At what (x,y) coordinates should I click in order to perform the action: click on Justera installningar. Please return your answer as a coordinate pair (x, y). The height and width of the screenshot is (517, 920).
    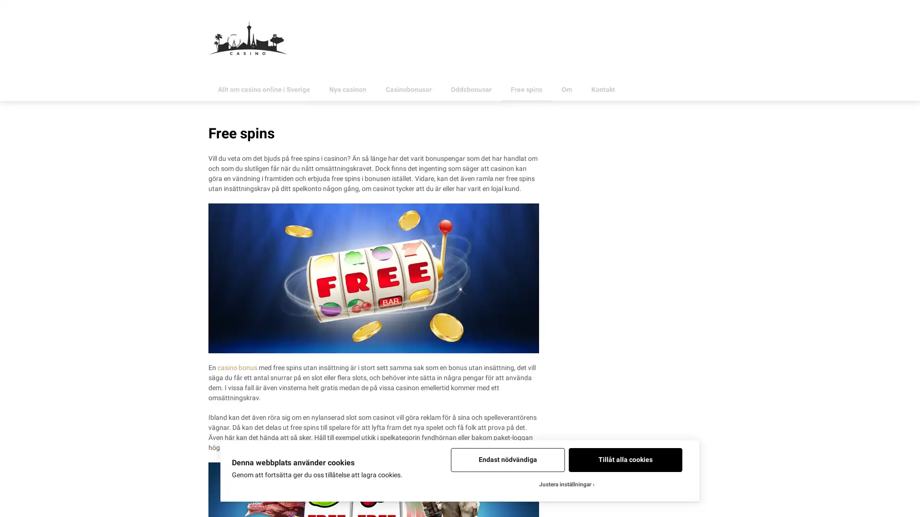
    Looking at the image, I should click on (566, 484).